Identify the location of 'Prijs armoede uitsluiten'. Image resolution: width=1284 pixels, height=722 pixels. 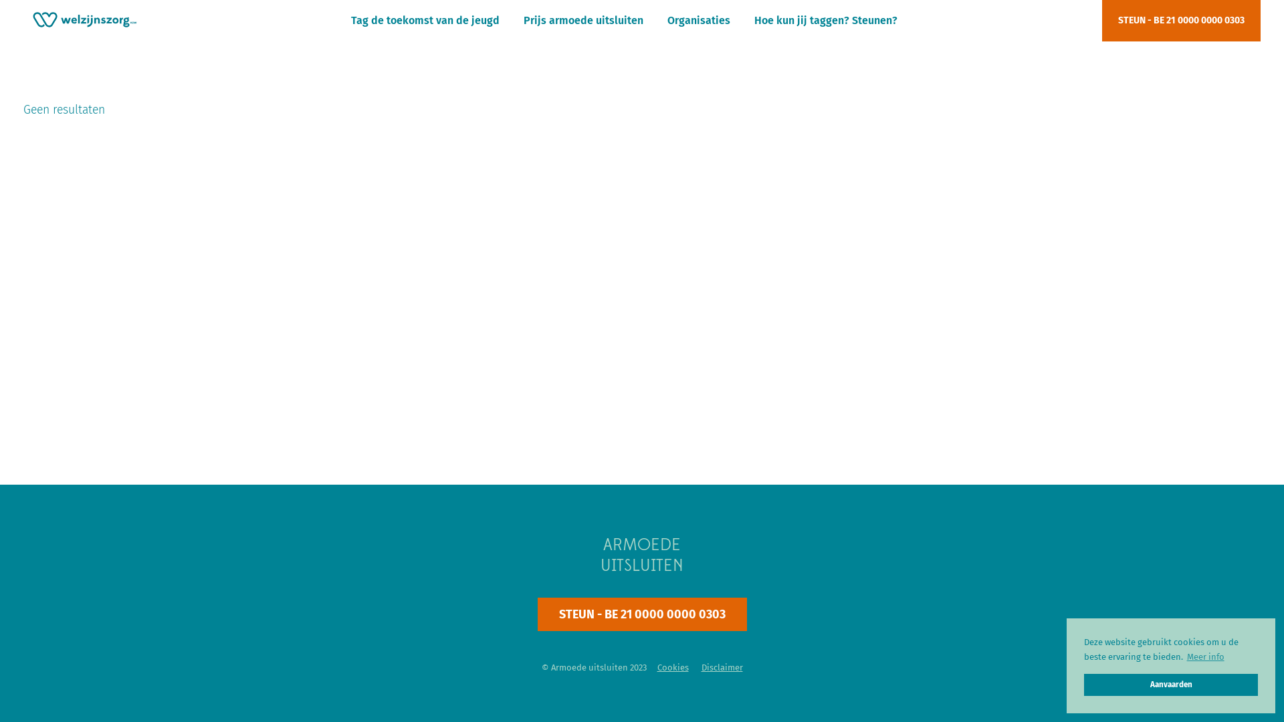
(522, 20).